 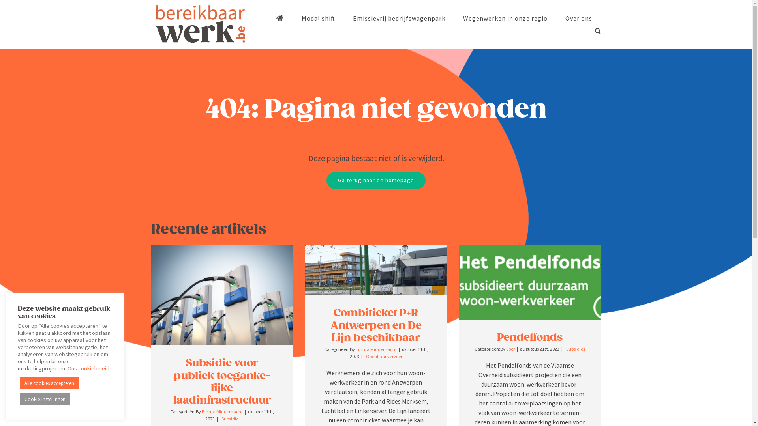 What do you see at coordinates (68, 368) in the screenshot?
I see `'Ons cookiebeleid'` at bounding box center [68, 368].